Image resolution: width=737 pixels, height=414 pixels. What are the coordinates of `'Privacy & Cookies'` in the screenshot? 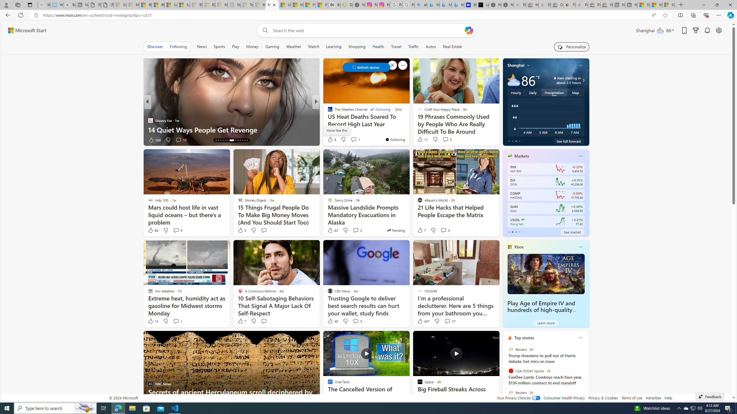 It's located at (603, 397).